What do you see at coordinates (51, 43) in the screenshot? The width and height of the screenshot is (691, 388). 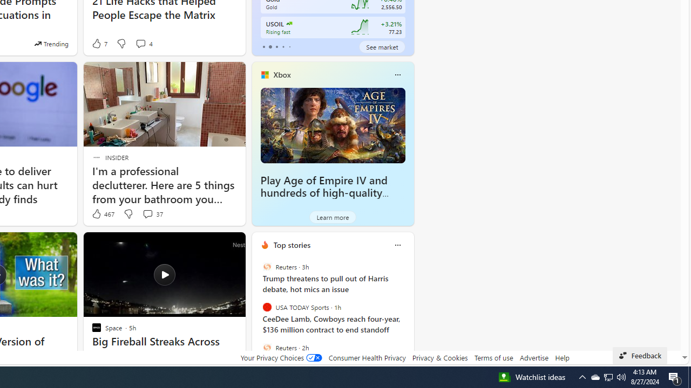 I see `'This story is trending'` at bounding box center [51, 43].